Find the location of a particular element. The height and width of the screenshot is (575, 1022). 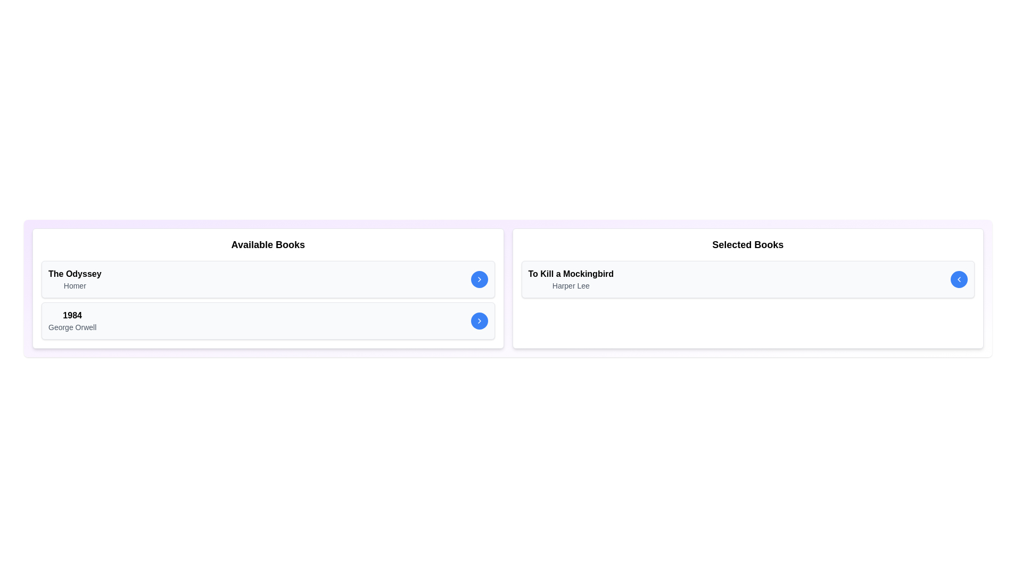

arrow button for the book titled 'The Odyssey' to transfer it to the other list is located at coordinates (479, 278).